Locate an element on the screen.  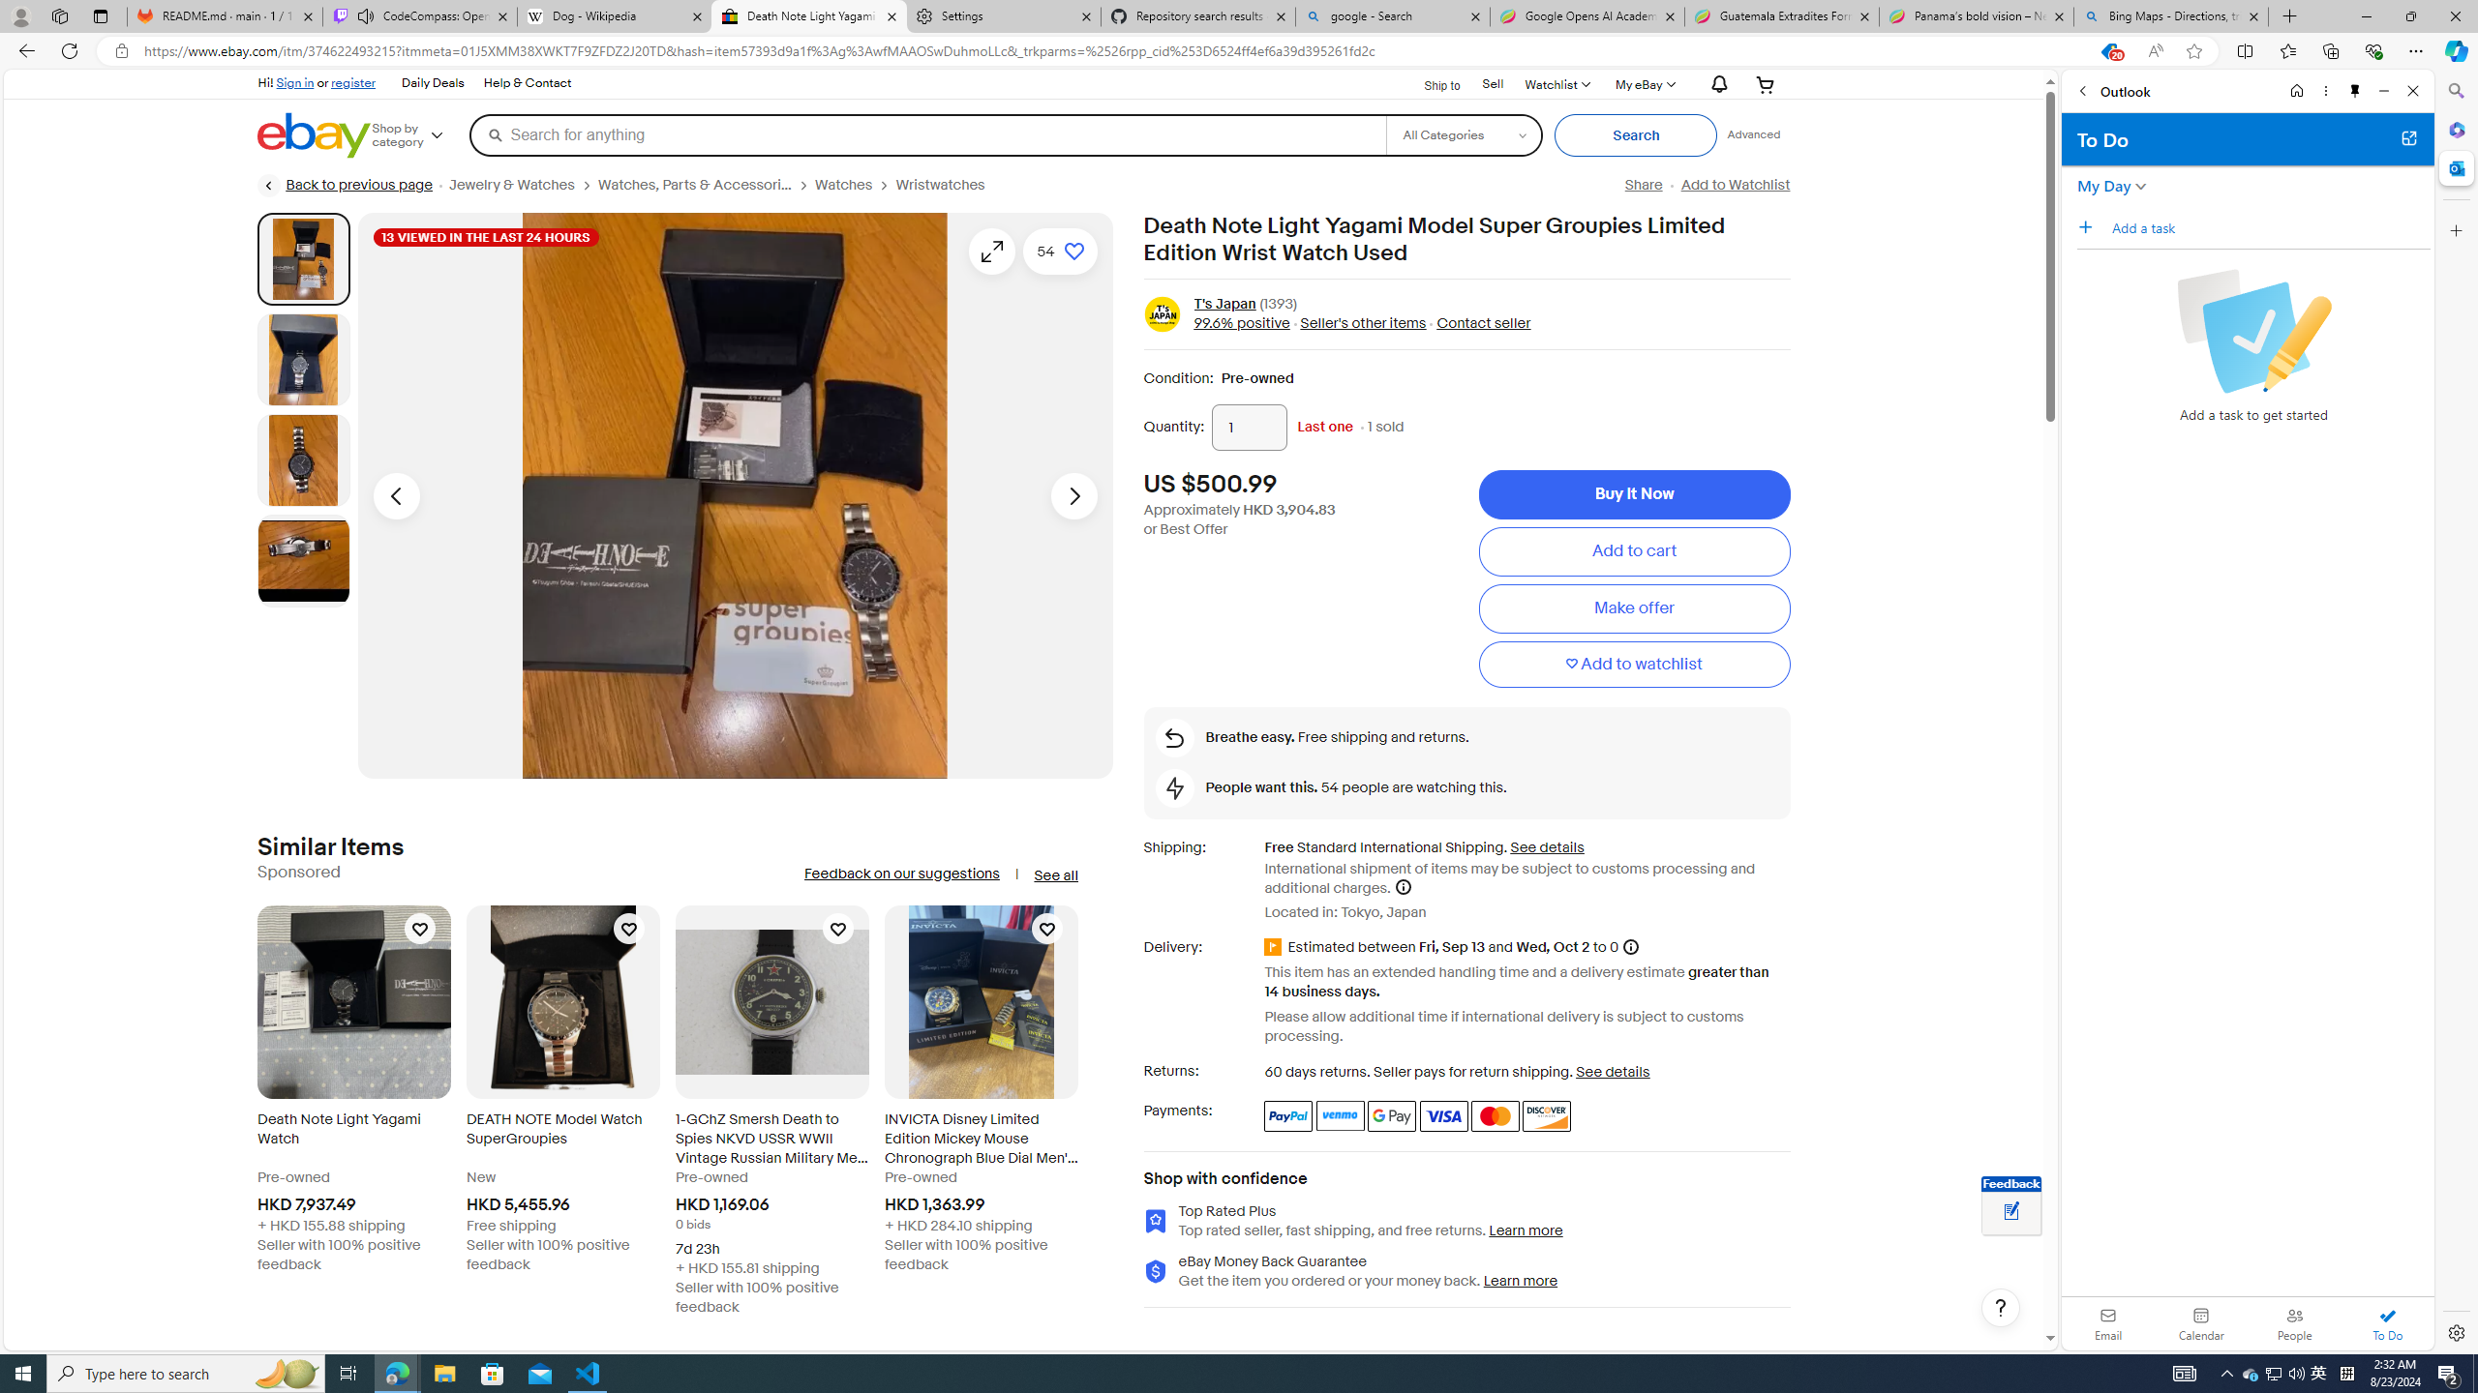
'Shipping help - opens a layer' is located at coordinates (1401, 885).